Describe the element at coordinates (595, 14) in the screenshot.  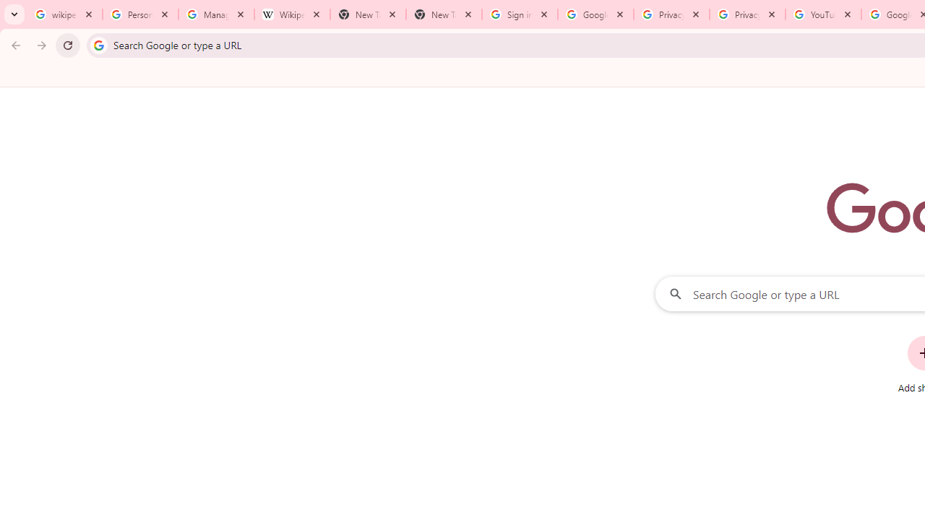
I see `'Google Drive: Sign-in'` at that location.